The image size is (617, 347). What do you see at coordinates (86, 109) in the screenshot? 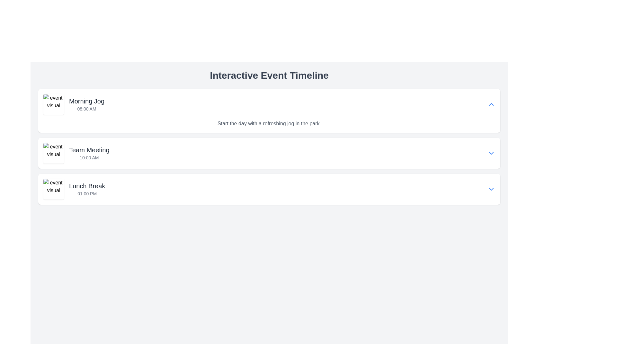
I see `the Text label indicating the scheduled time for the 'Morning Jog' event, which is located beneath the title within the first event card` at bounding box center [86, 109].